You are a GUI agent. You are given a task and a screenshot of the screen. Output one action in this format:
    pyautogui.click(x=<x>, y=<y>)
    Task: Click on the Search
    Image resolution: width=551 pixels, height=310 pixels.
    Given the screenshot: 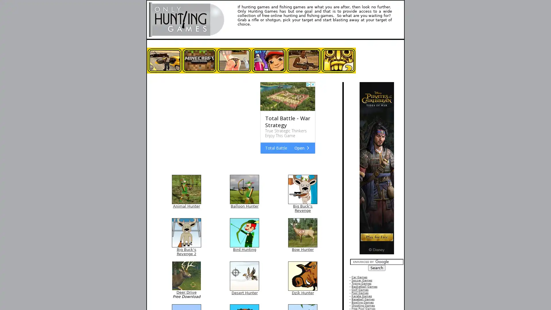 What is the action you would take?
    pyautogui.click(x=377, y=268)
    